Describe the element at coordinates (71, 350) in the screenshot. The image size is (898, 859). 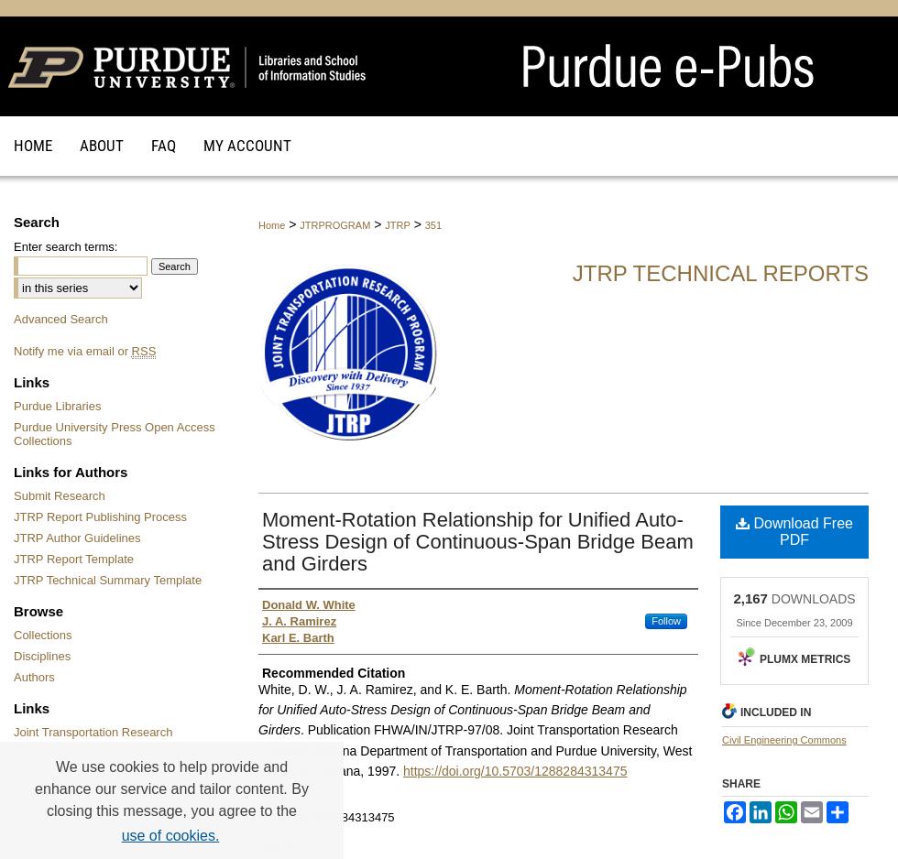
I see `'Notify me via email or'` at that location.